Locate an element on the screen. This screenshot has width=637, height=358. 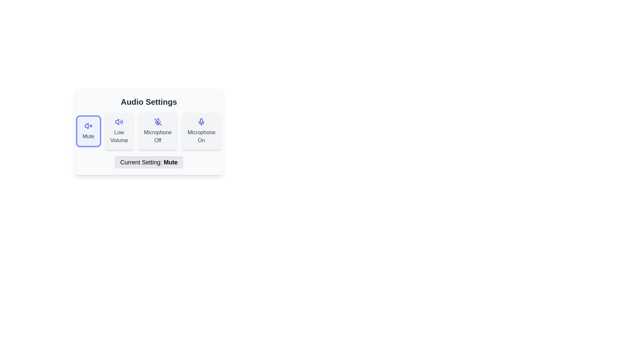
text label that displays 'Microphone Off', which indicates the microphone is currently disabled is located at coordinates (157, 136).